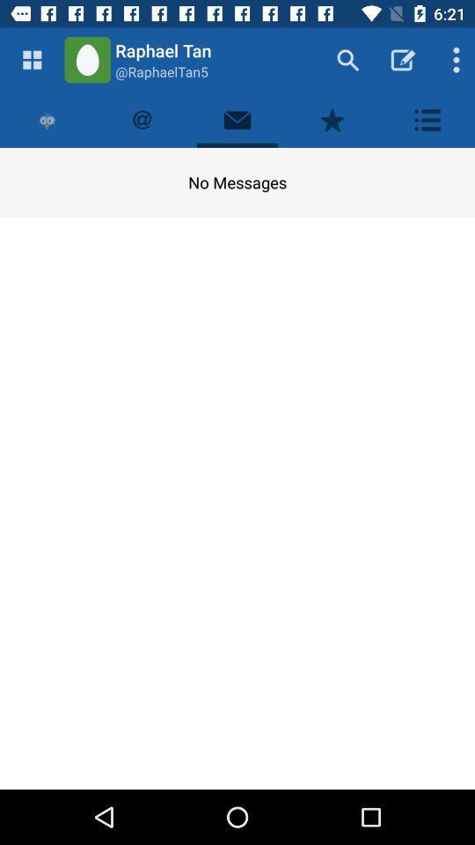 The height and width of the screenshot is (845, 475). What do you see at coordinates (237, 119) in the screenshot?
I see `inbox of mail` at bounding box center [237, 119].